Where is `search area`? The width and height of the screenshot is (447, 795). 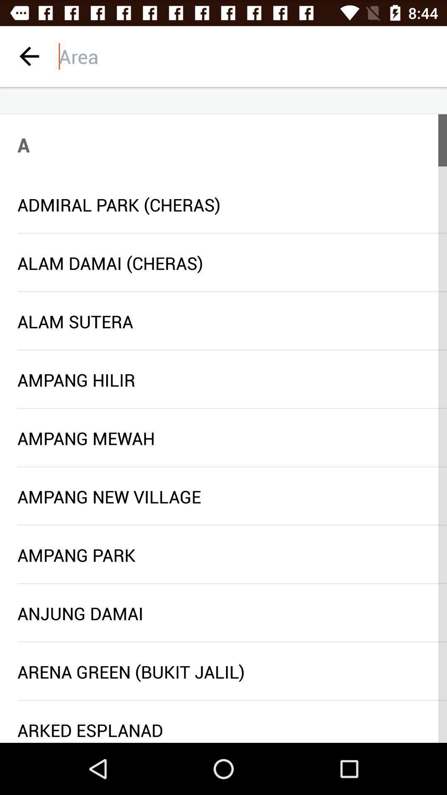
search area is located at coordinates (252, 56).